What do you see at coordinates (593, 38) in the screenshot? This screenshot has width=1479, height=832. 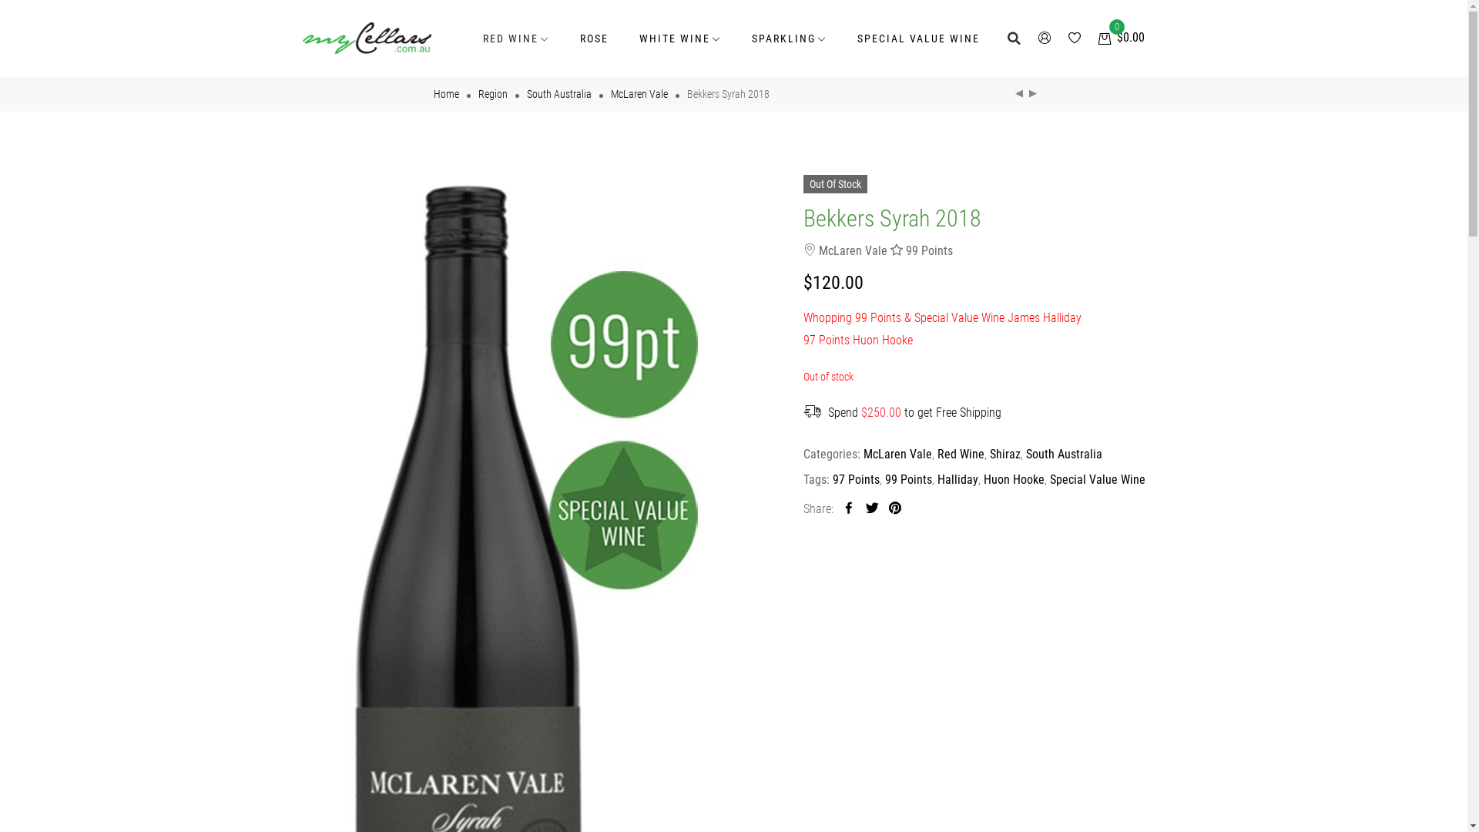 I see `'ROSE'` at bounding box center [593, 38].